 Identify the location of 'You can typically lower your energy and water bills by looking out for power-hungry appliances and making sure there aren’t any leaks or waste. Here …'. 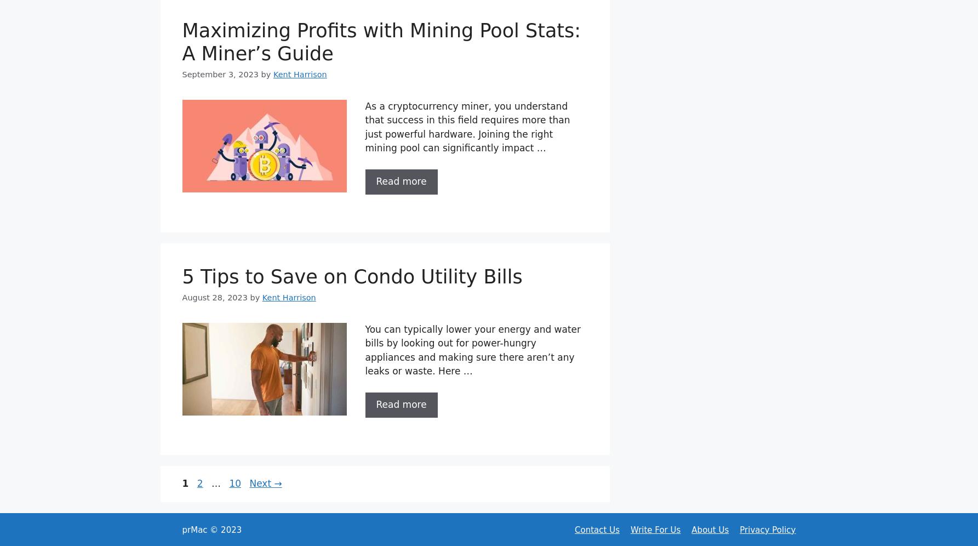
(473, 349).